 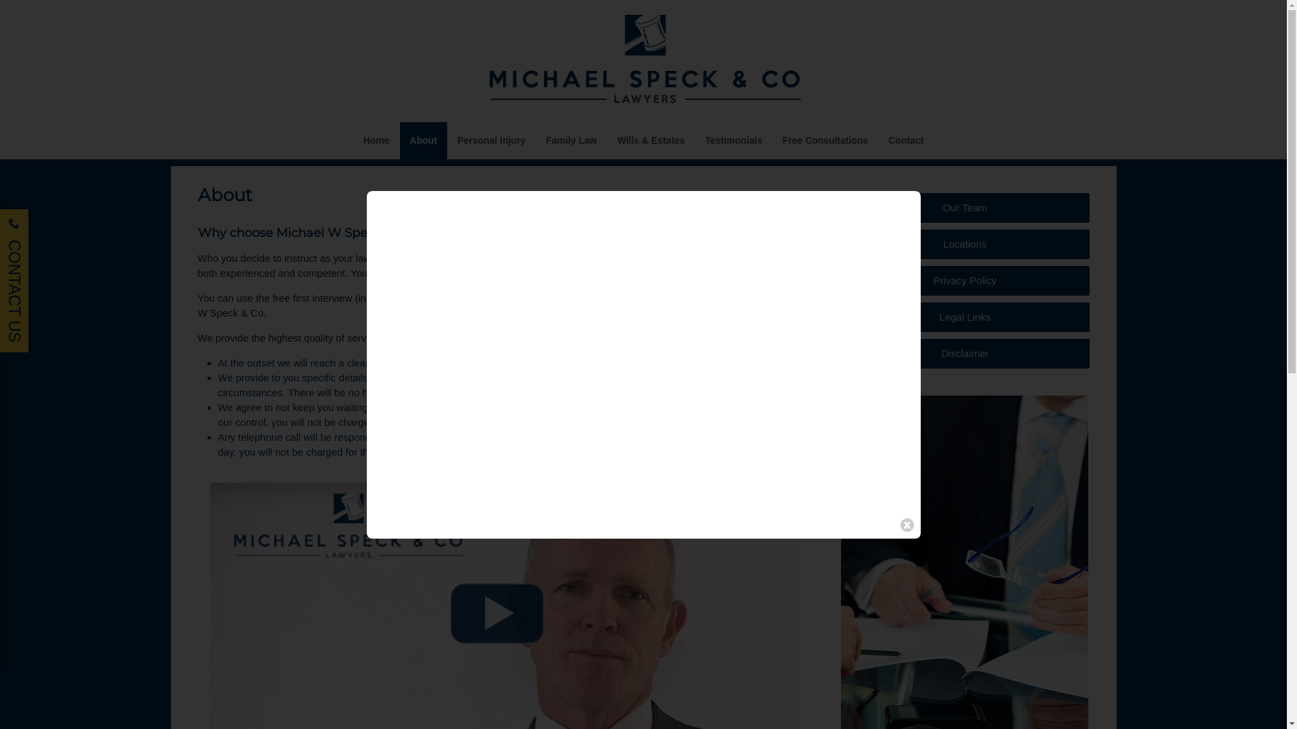 I want to click on 'Home', so click(x=376, y=140).